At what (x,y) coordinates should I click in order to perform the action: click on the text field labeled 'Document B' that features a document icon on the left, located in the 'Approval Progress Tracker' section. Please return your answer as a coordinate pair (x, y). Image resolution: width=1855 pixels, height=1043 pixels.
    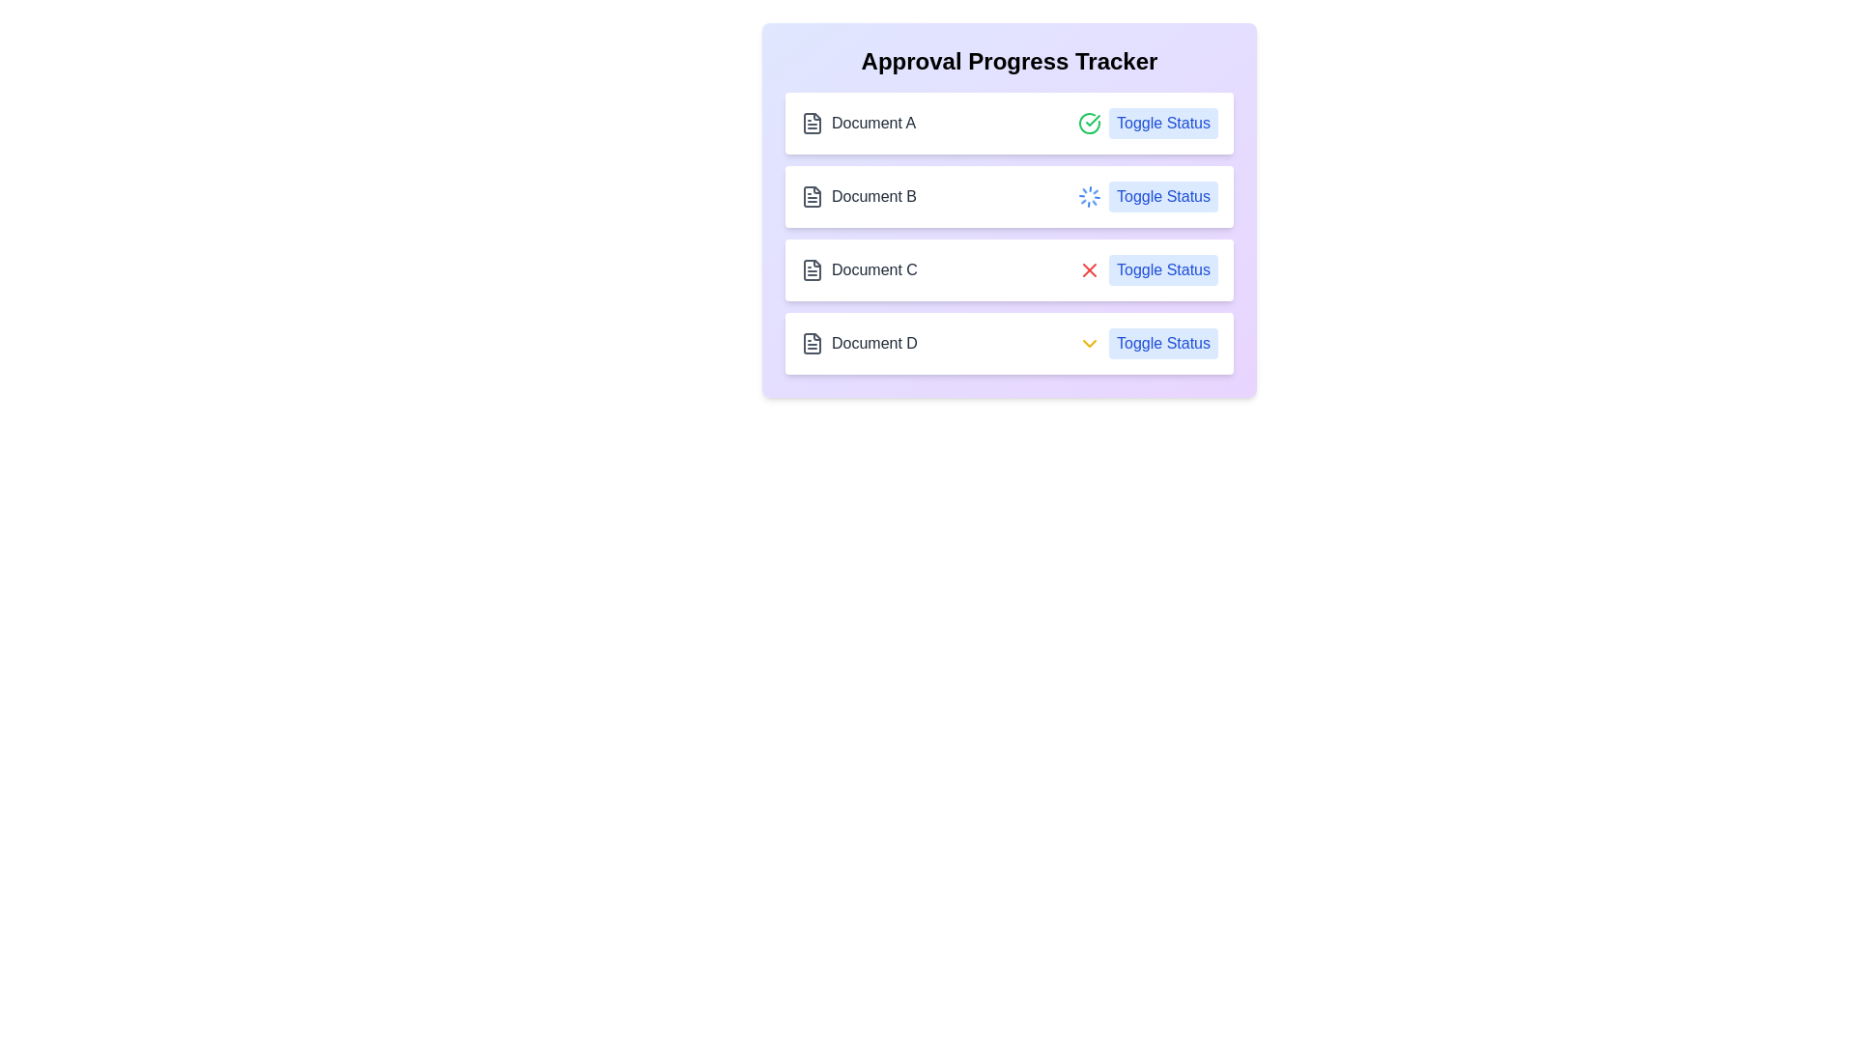
    Looking at the image, I should click on (857, 197).